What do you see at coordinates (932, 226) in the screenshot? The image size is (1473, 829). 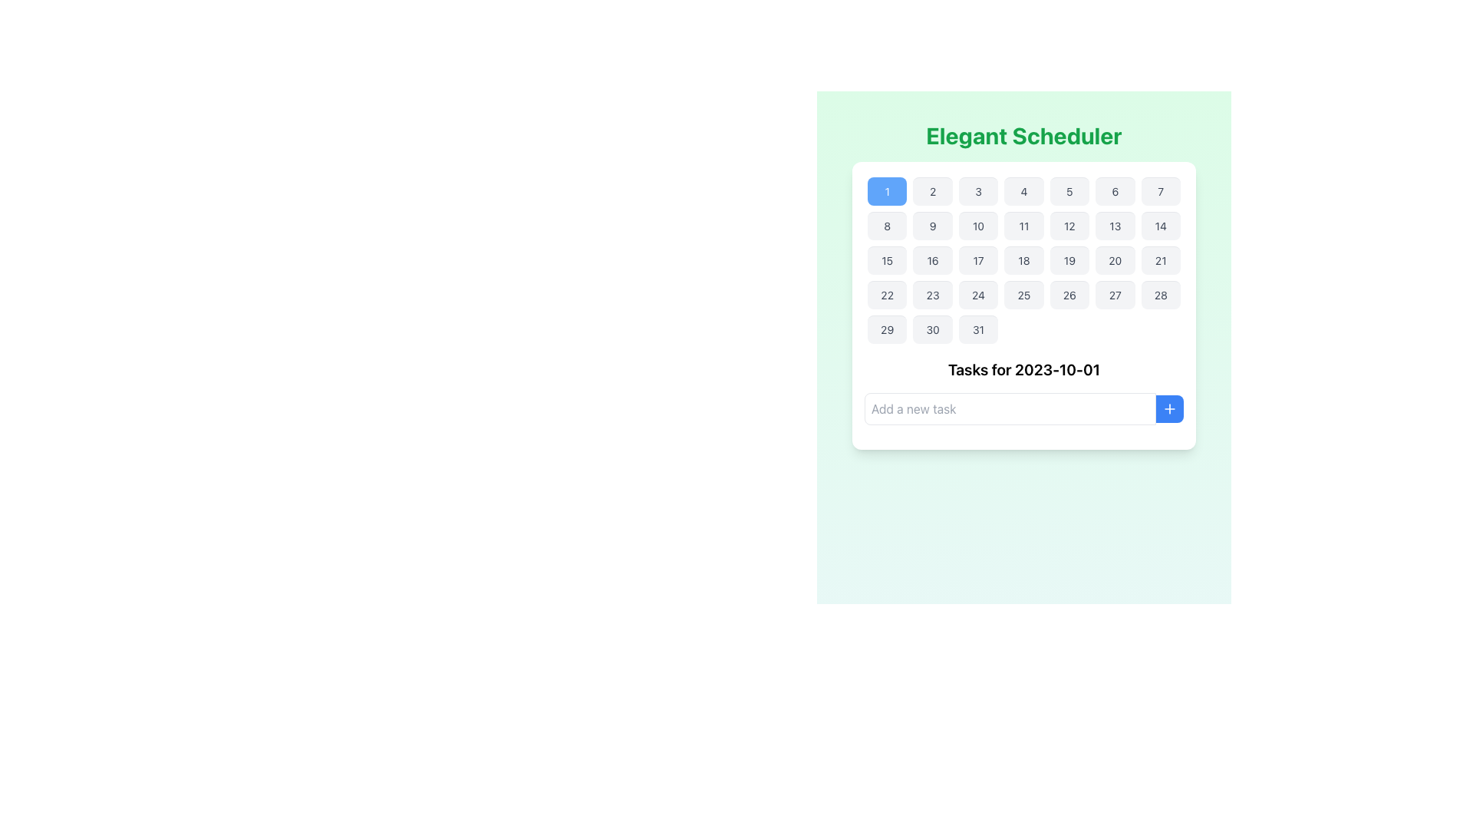 I see `the button representing the 9th day of the month in the calendar grid` at bounding box center [932, 226].